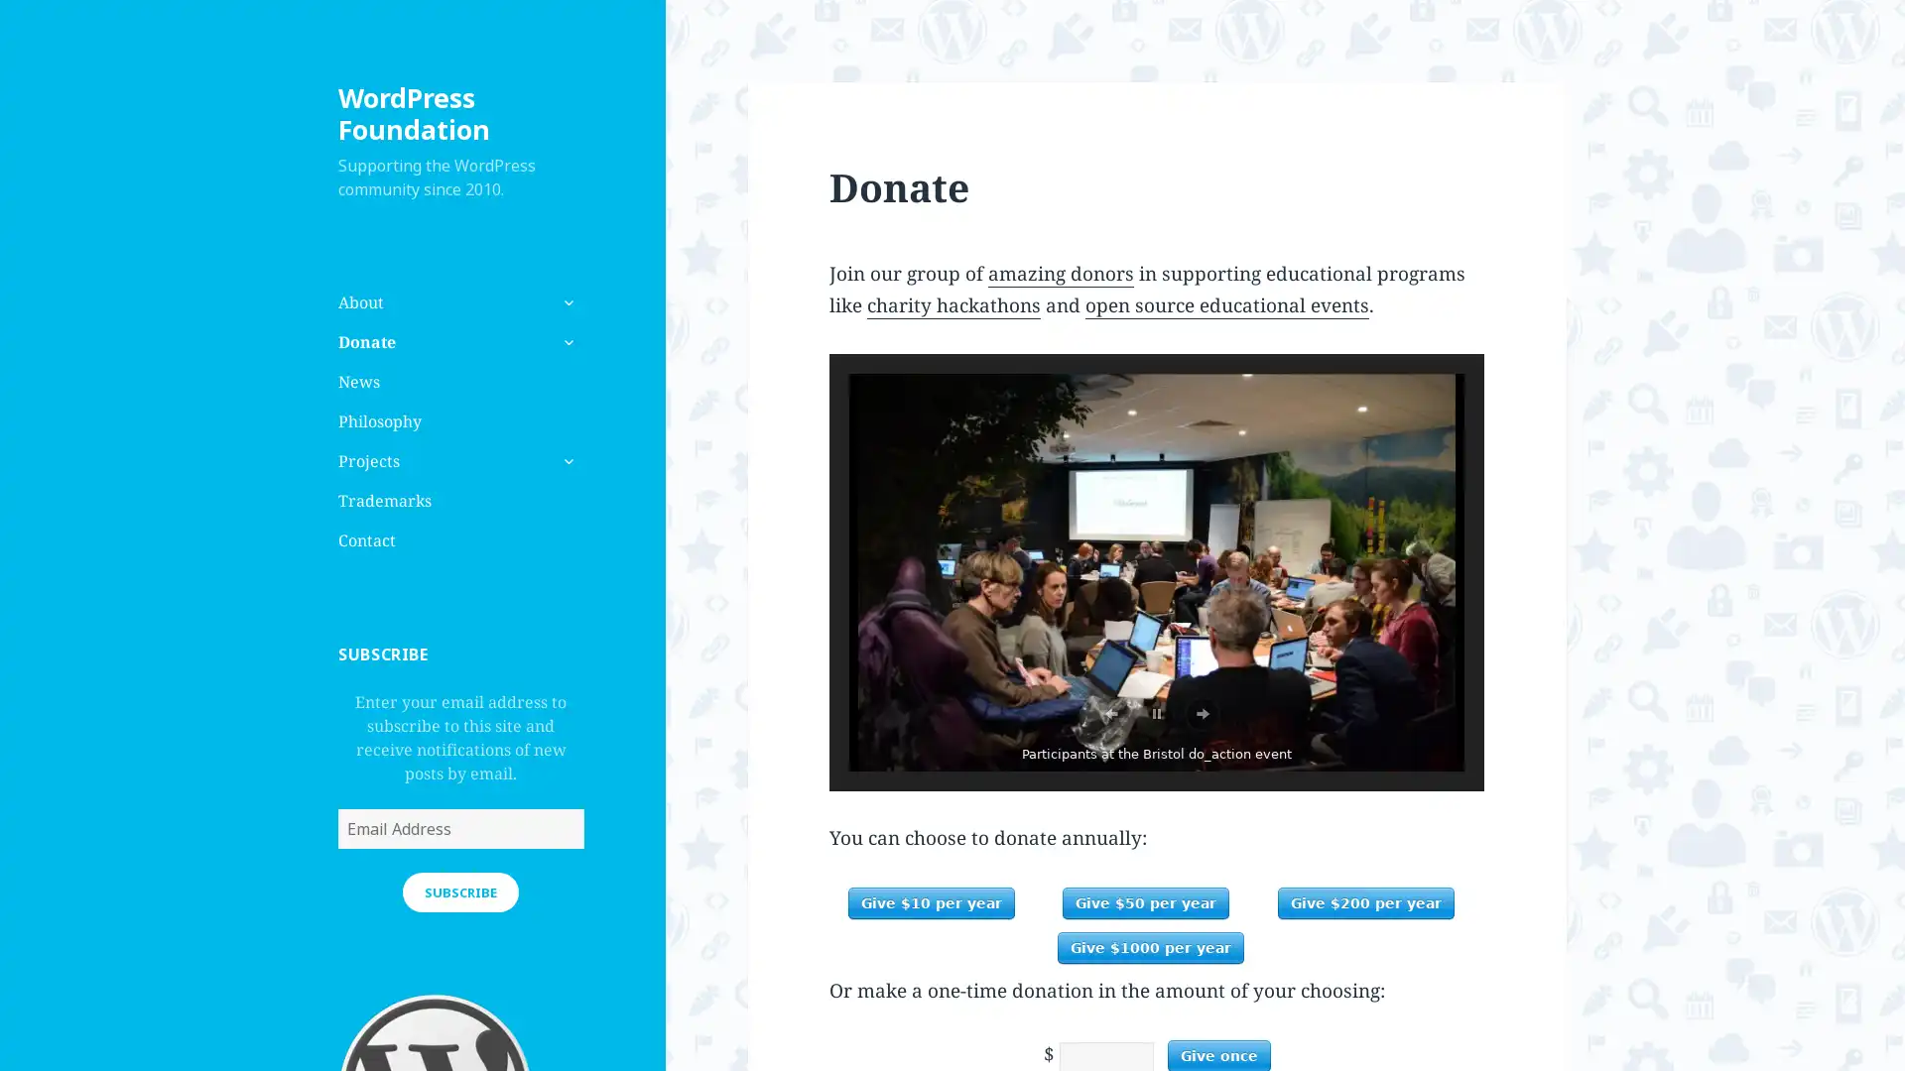 The width and height of the screenshot is (1905, 1071). I want to click on Give $1000 per year, so click(1151, 947).